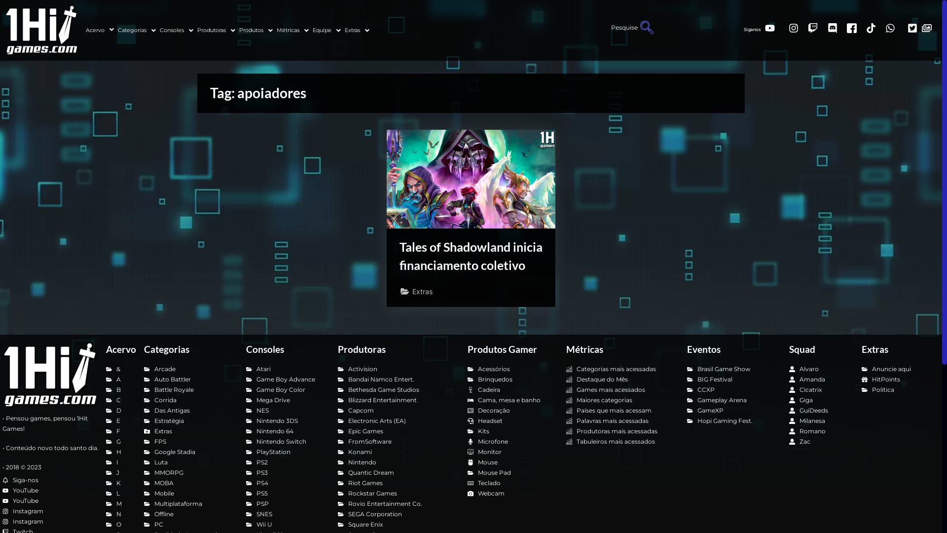  What do you see at coordinates (286, 482) in the screenshot?
I see `'PS4'` at bounding box center [286, 482].